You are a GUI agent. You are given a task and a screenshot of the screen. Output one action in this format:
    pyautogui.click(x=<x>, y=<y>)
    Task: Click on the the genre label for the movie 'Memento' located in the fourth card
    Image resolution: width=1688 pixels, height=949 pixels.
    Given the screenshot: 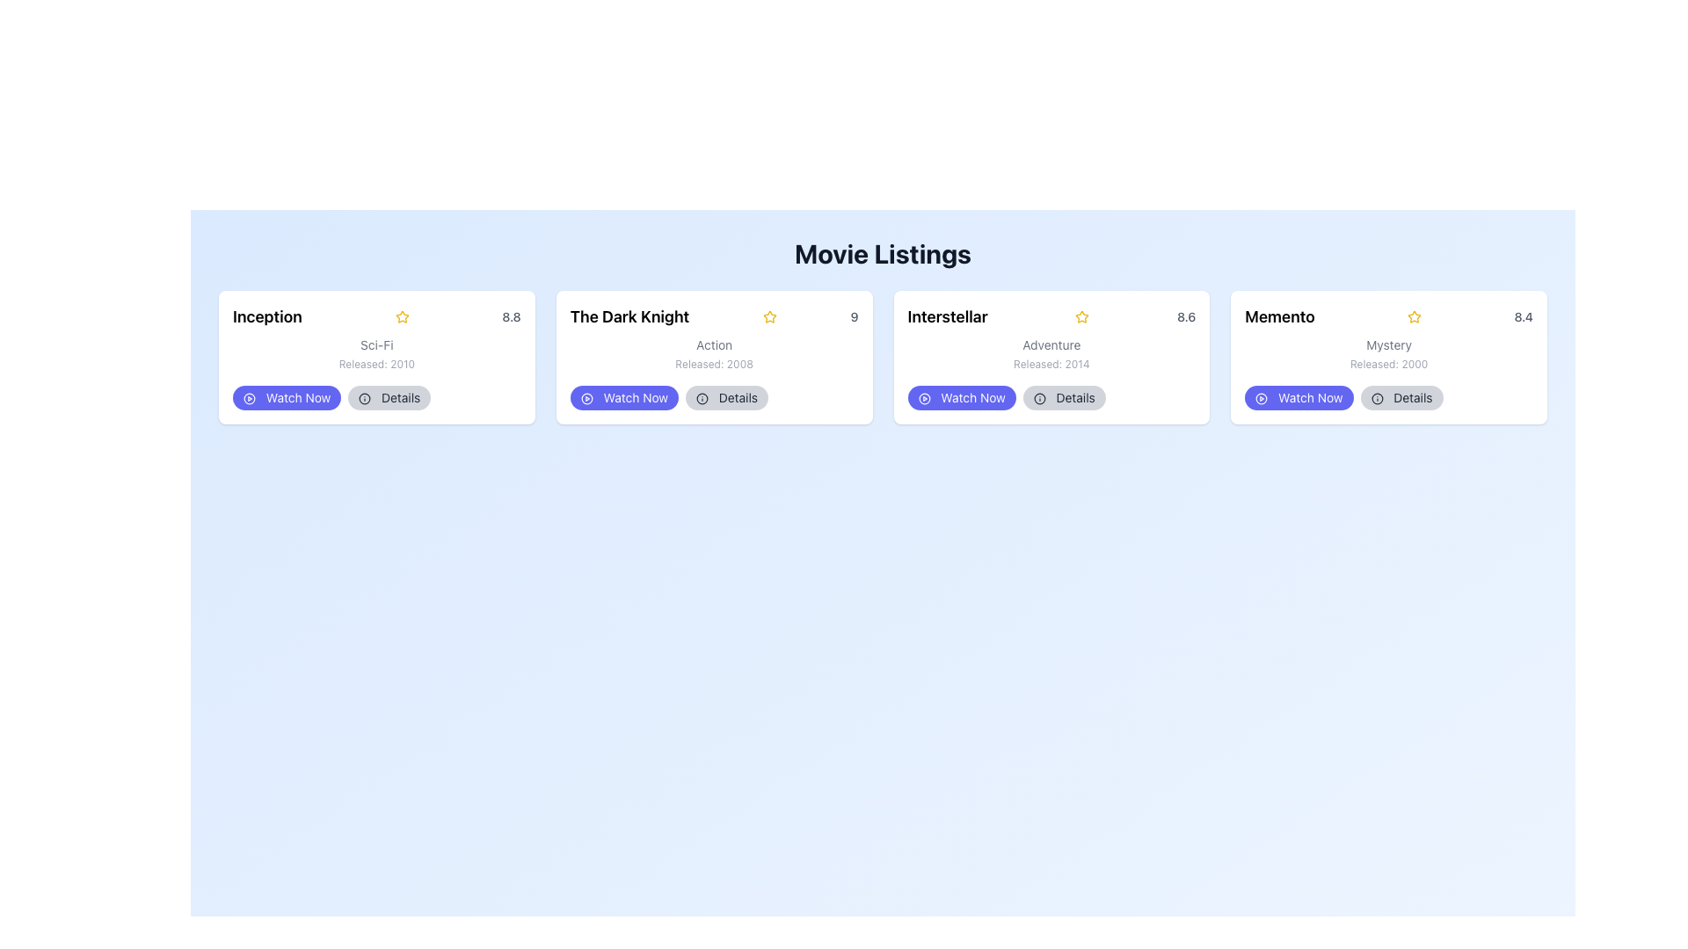 What is the action you would take?
    pyautogui.click(x=1388, y=345)
    